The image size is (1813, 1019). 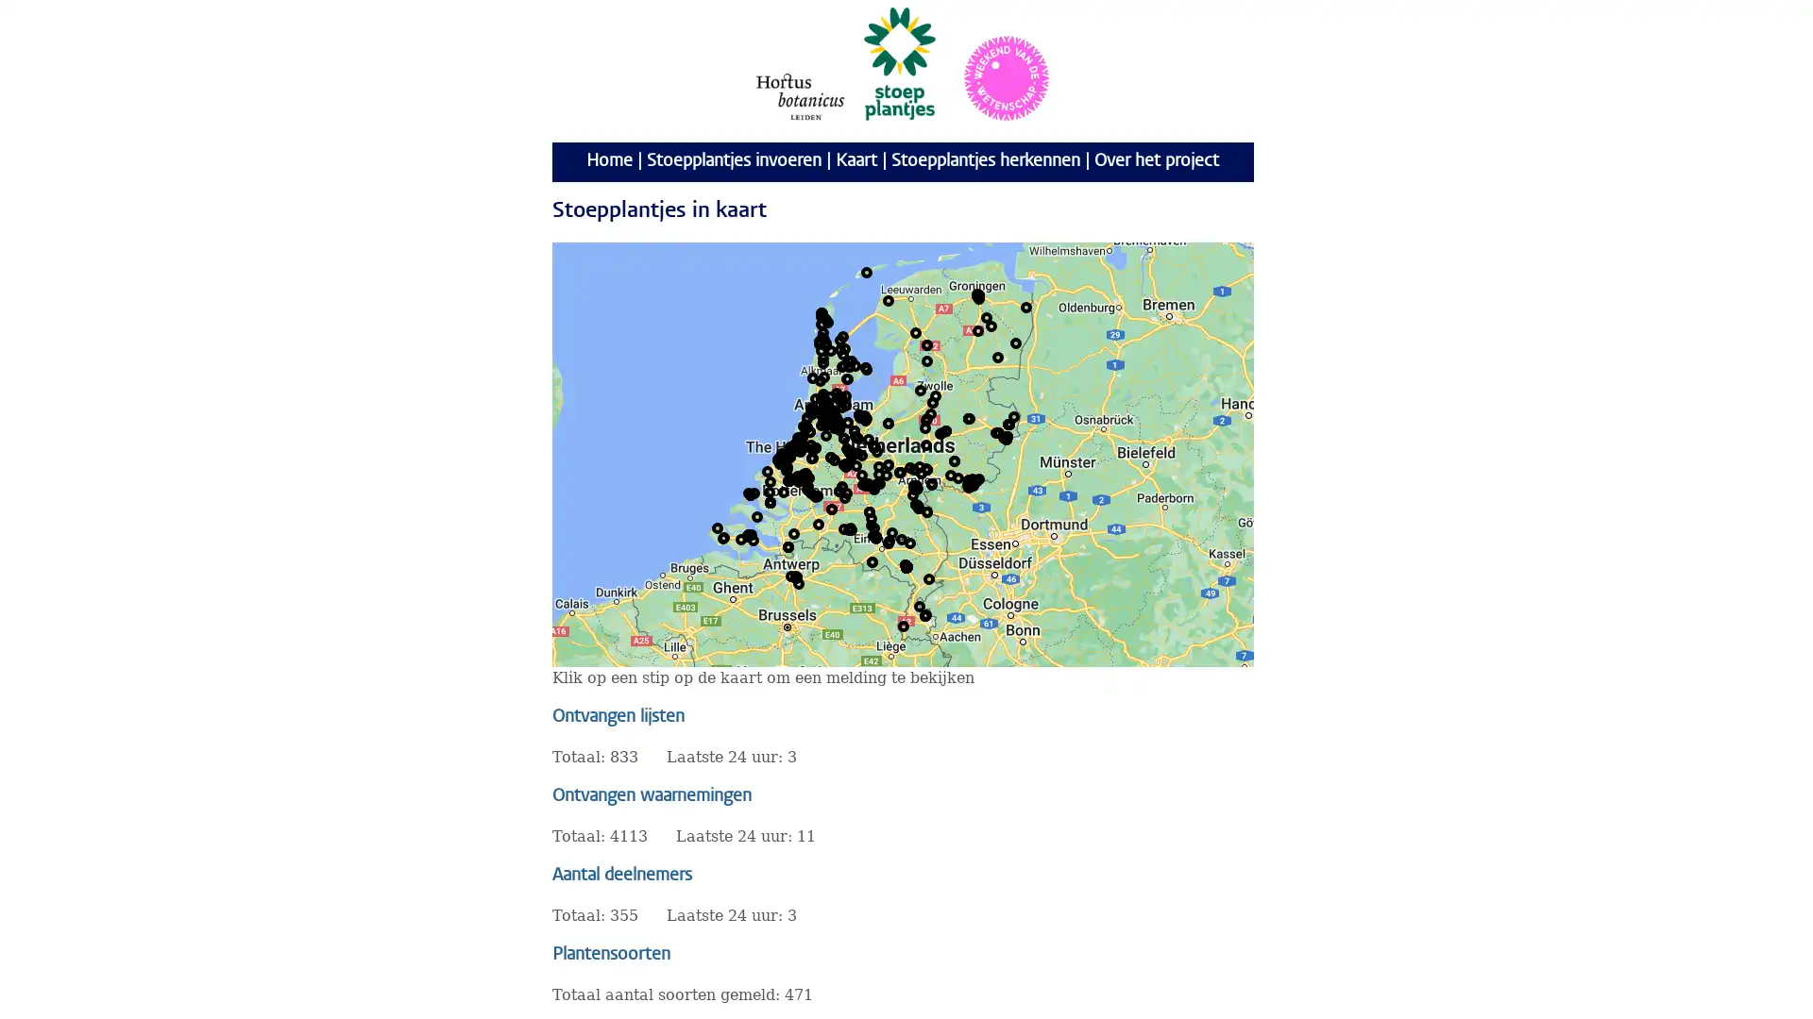 I want to click on Telling van Hetty Verstraaten op 23 oktober 2021, so click(x=924, y=426).